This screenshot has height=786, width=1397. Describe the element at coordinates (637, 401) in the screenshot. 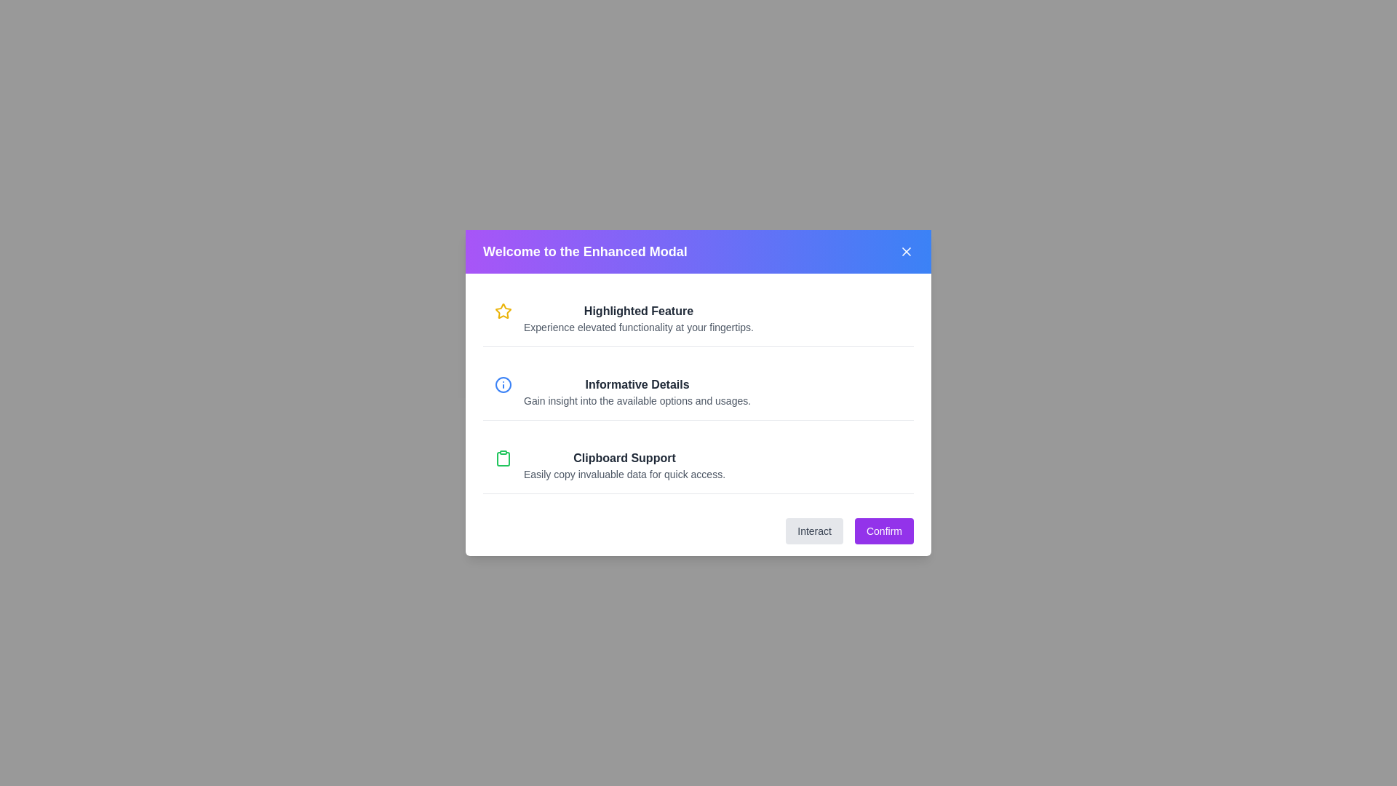

I see `the informational text label positioned below the 'Informative Details' title, which provides descriptive information about the section` at that location.